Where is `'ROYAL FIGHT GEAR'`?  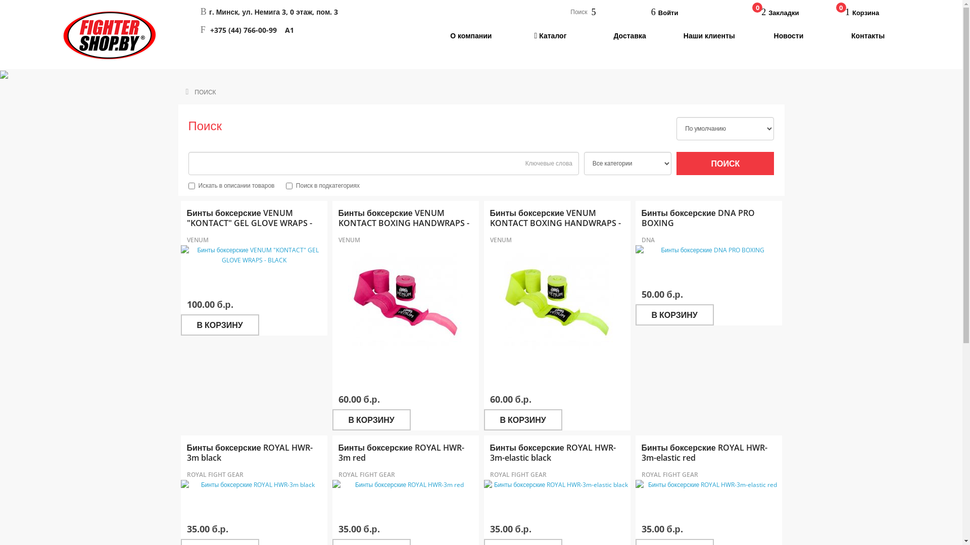 'ROYAL FIGHT GEAR' is located at coordinates (518, 474).